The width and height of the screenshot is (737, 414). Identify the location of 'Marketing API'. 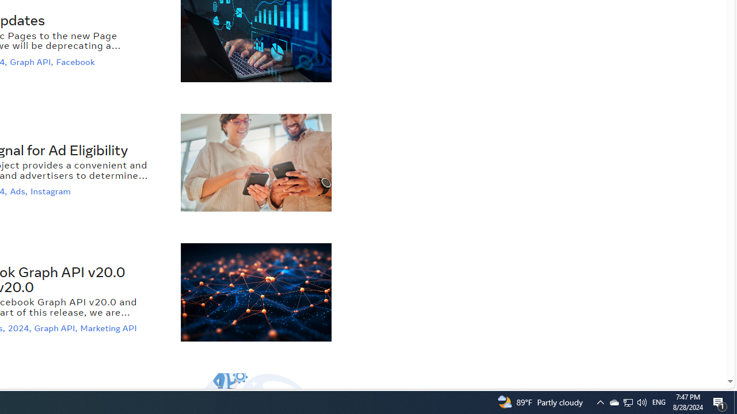
(110, 328).